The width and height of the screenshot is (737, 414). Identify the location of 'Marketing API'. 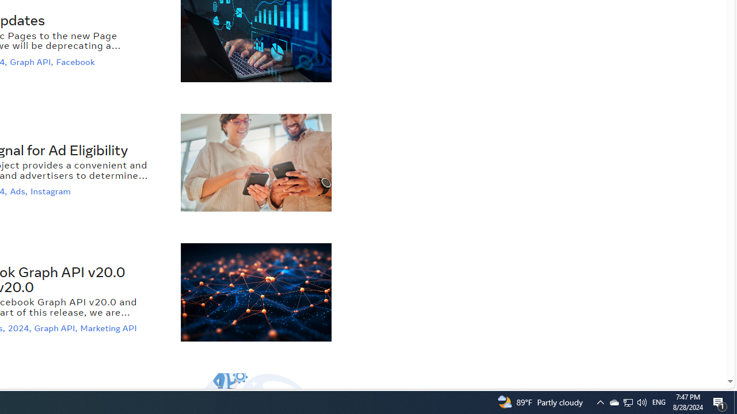
(110, 328).